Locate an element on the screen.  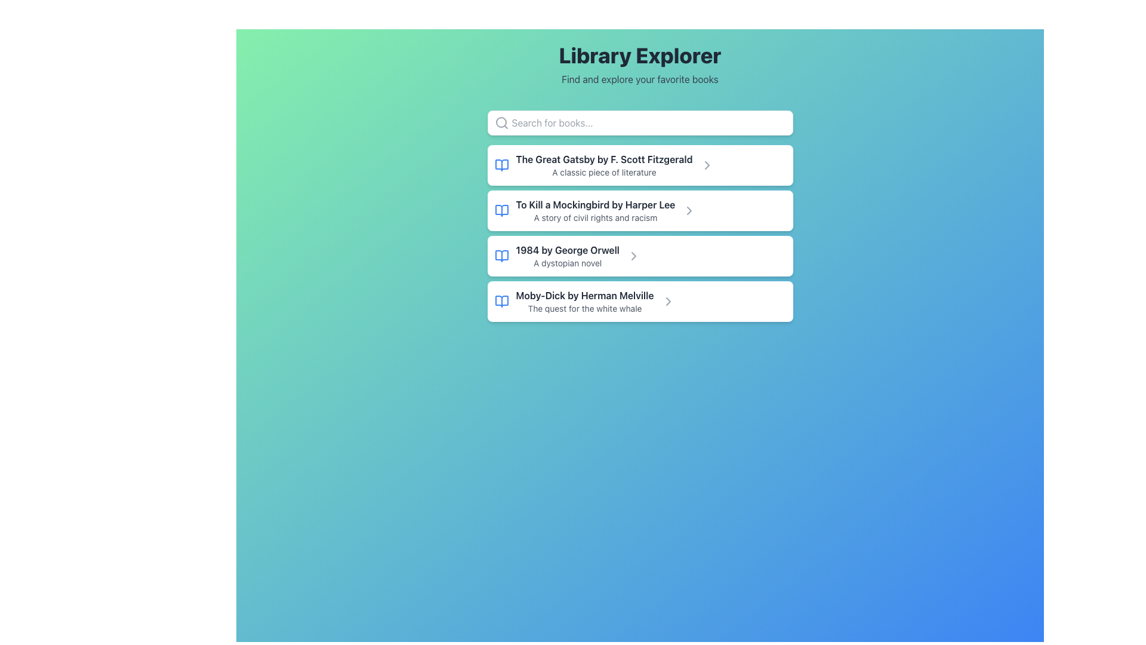
the chevron icon located on the rightmost part of the list item for the book '1984 by George Orwell' is located at coordinates (633, 255).